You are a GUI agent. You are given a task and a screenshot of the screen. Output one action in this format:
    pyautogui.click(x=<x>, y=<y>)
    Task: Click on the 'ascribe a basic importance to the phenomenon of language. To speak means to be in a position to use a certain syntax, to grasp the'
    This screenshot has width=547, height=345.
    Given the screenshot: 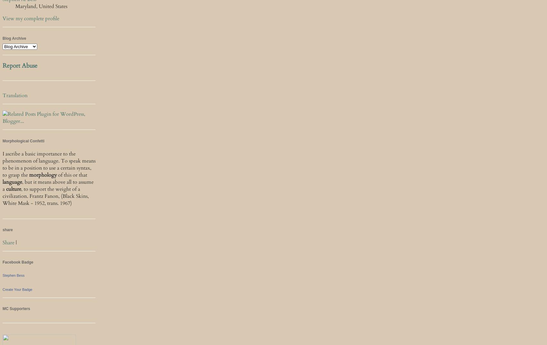 What is the action you would take?
    pyautogui.click(x=49, y=164)
    